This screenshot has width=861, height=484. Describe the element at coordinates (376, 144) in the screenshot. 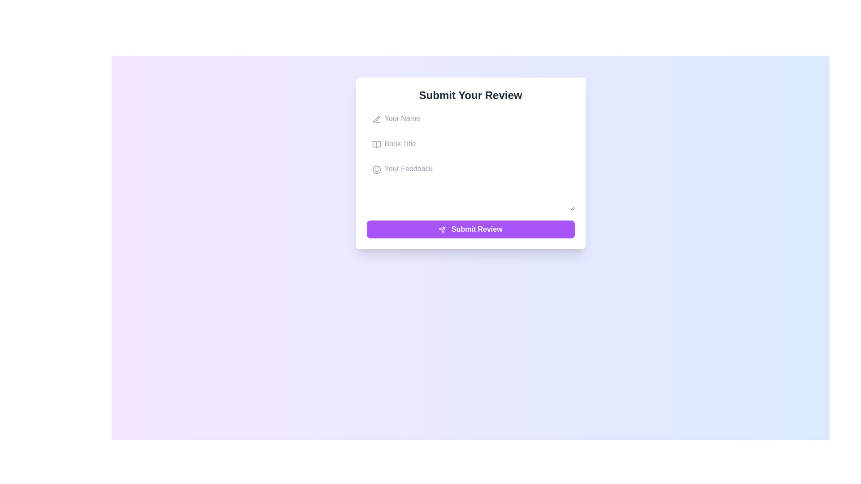

I see `decorative icon that signifies the 'Book Title' field located beside the 'Book Title' text field within the 'Submit Your Review' form` at that location.